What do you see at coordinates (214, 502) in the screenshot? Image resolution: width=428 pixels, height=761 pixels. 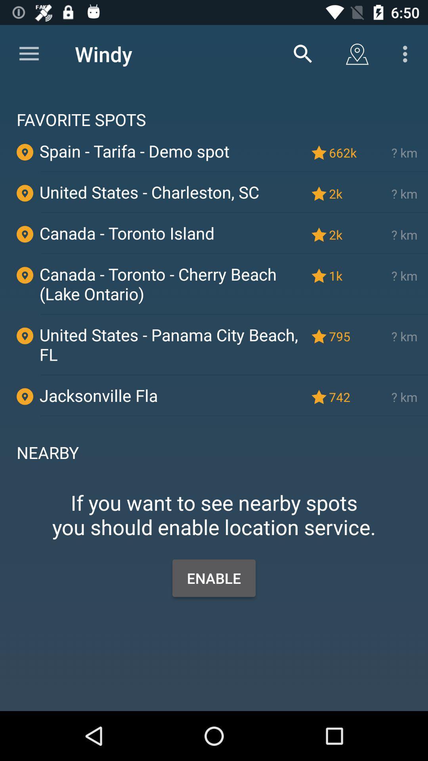 I see `if you want icon` at bounding box center [214, 502].